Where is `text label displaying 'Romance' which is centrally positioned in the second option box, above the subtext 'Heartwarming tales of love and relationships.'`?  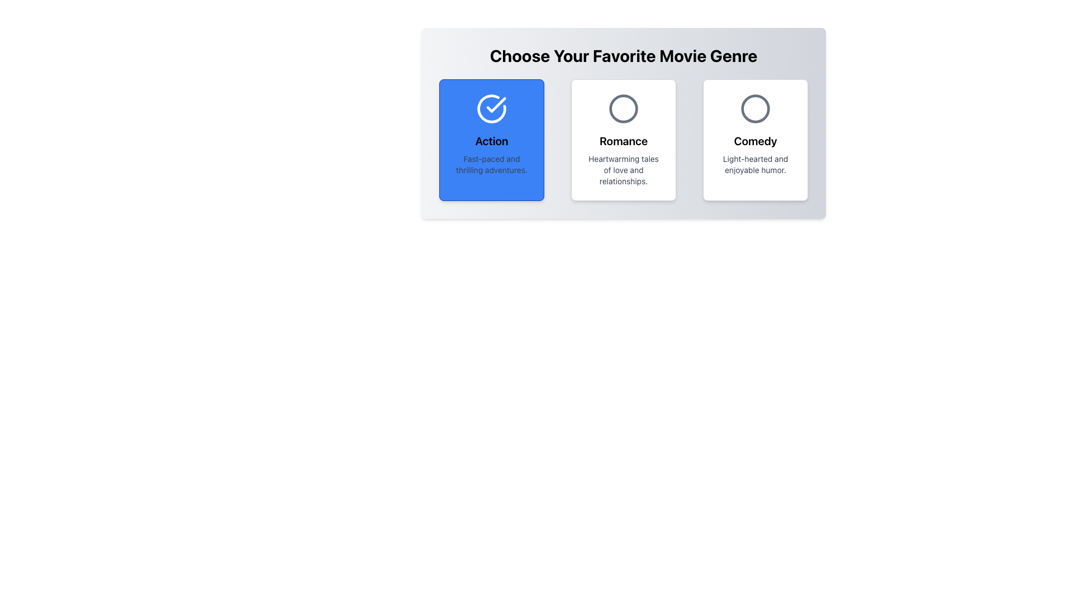
text label displaying 'Romance' which is centrally positioned in the second option box, above the subtext 'Heartwarming tales of love and relationships.' is located at coordinates (623, 141).